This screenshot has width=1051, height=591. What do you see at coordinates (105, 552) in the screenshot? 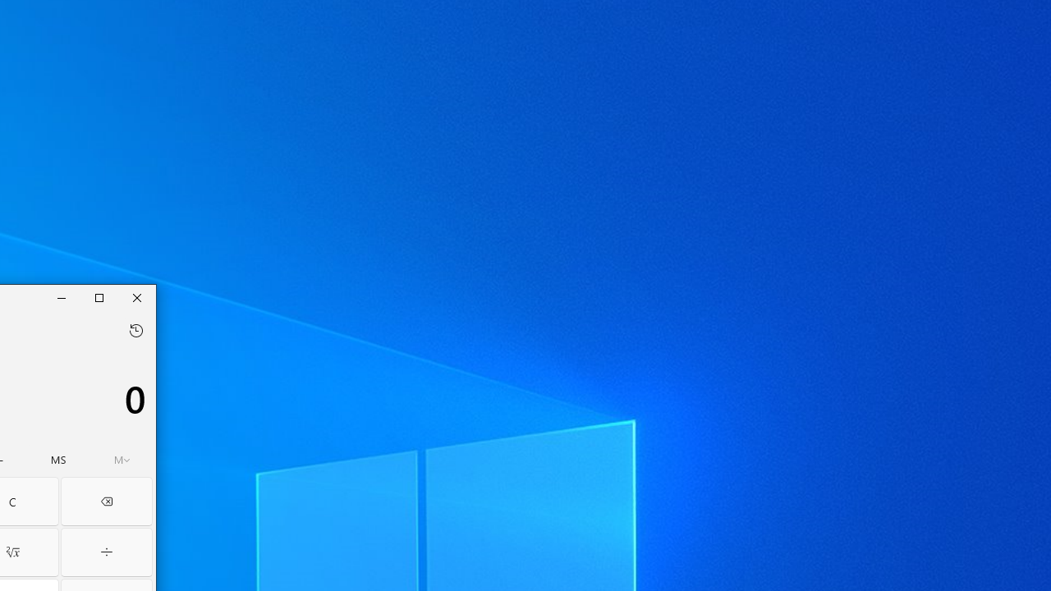
I see `'Divide by'` at bounding box center [105, 552].